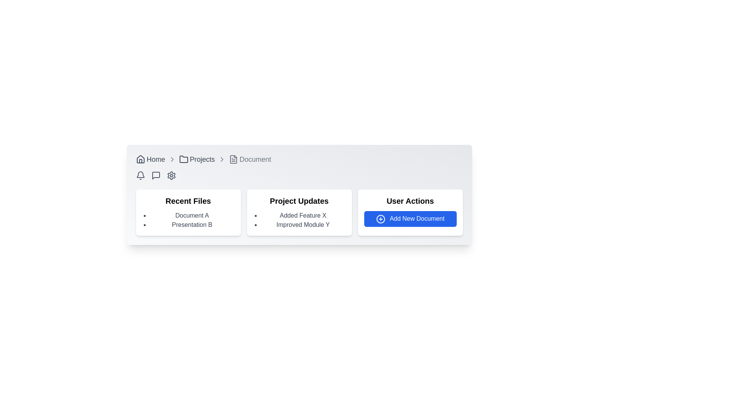 The width and height of the screenshot is (740, 416). I want to click on the unordered list displaying recently accessed files located in the 'Recent Files' panel on the left side of the interface, so click(188, 220).